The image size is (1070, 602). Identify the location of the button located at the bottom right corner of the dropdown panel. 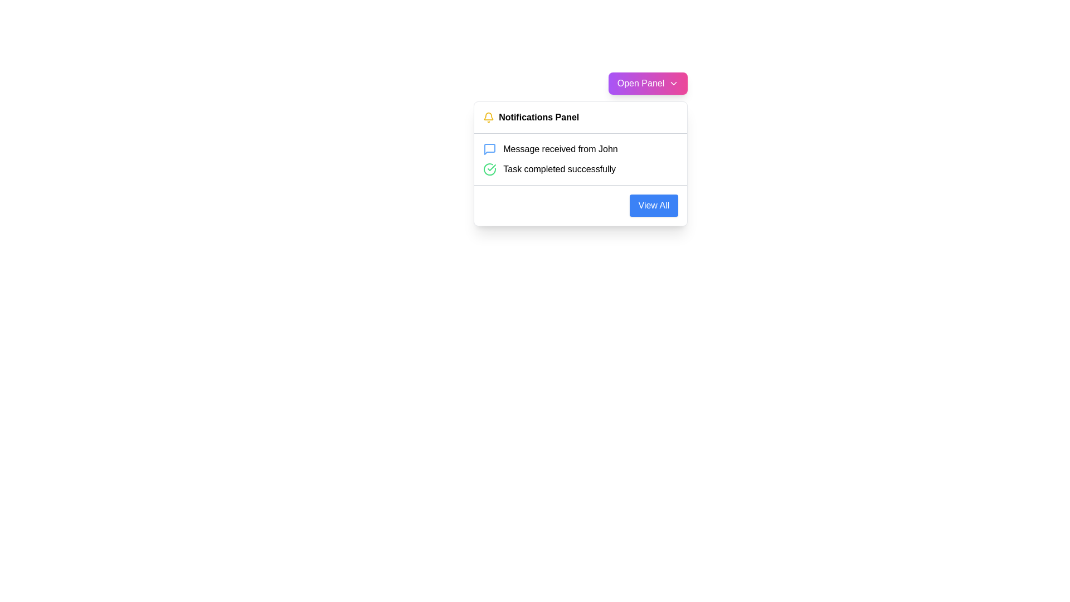
(654, 206).